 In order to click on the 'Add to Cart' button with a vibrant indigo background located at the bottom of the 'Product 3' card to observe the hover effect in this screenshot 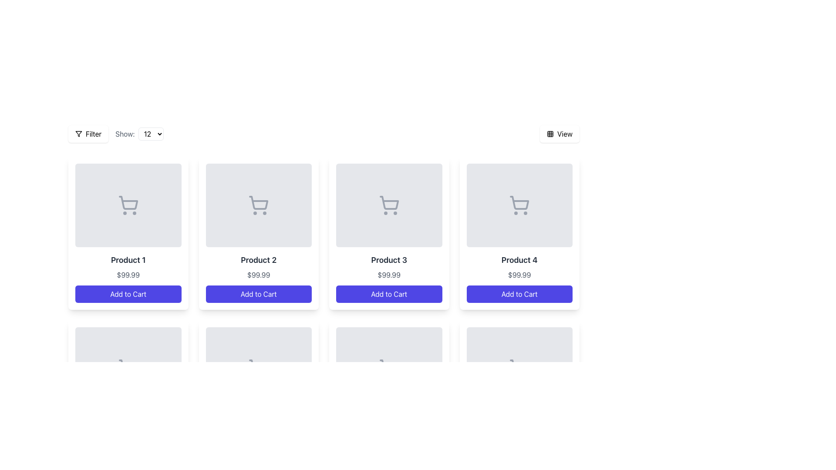, I will do `click(388, 294)`.